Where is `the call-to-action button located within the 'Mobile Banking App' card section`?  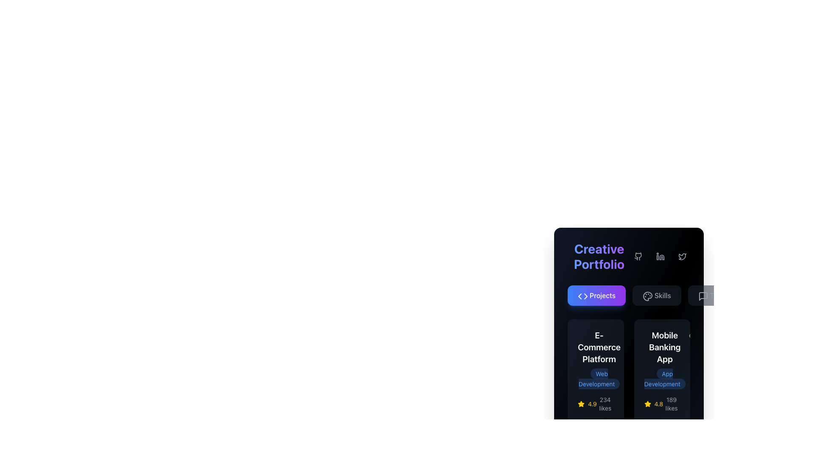 the call-to-action button located within the 'Mobile Banking App' card section is located at coordinates (661, 371).